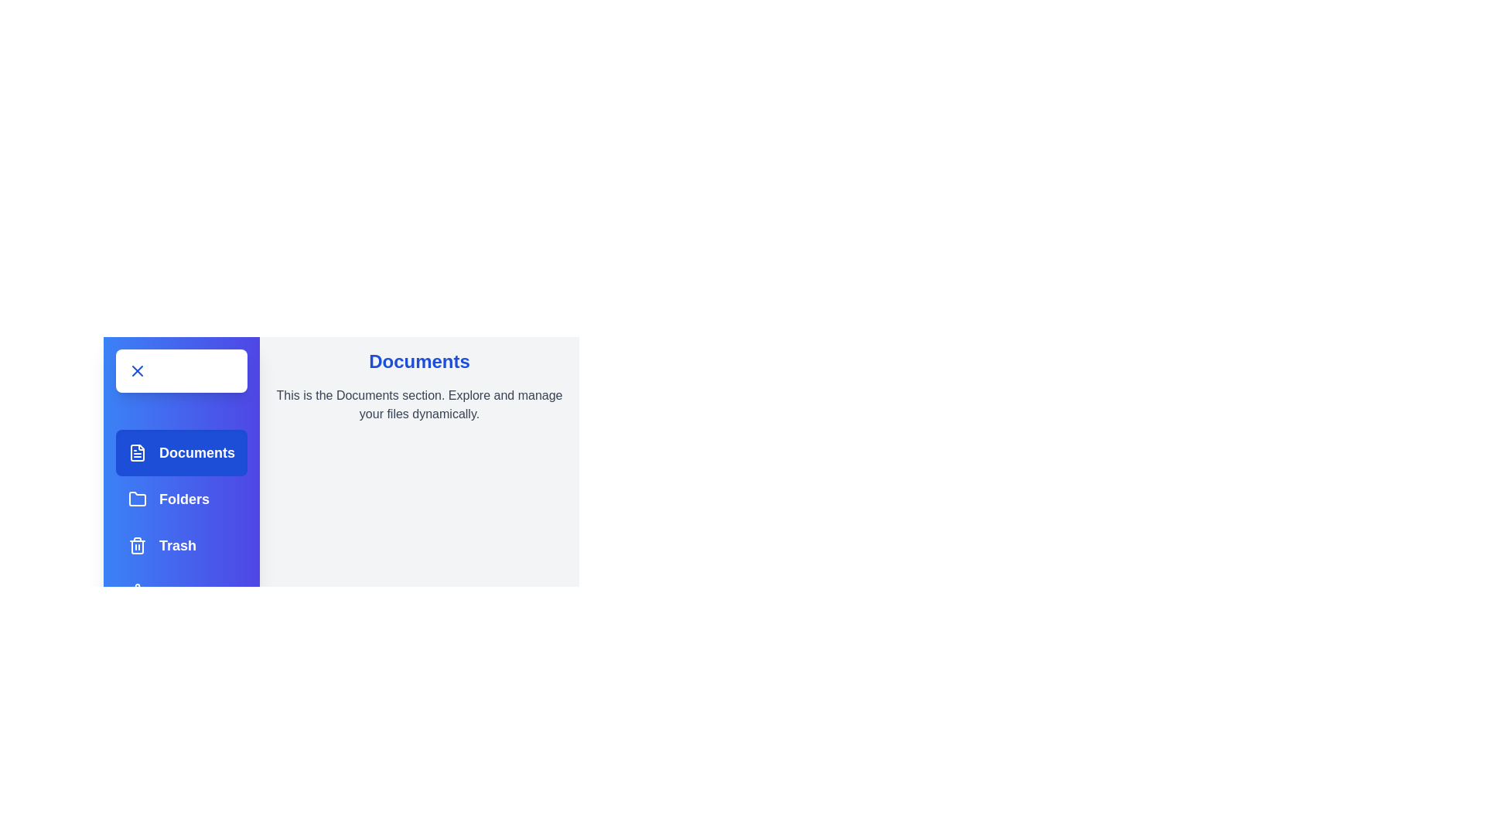 This screenshot has width=1485, height=835. What do you see at coordinates (182, 544) in the screenshot?
I see `the section Trash in the drawer` at bounding box center [182, 544].